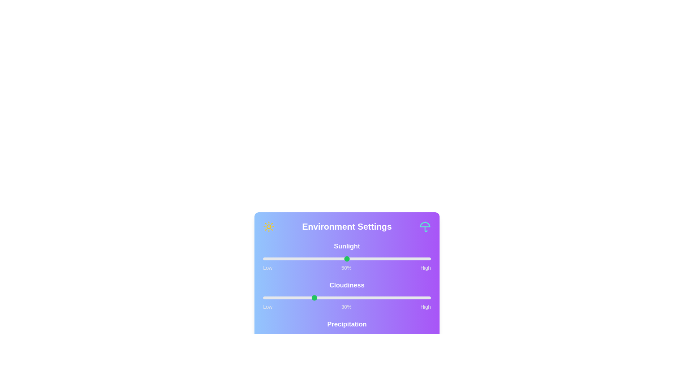  I want to click on the sunlight slider to 17%, so click(291, 259).